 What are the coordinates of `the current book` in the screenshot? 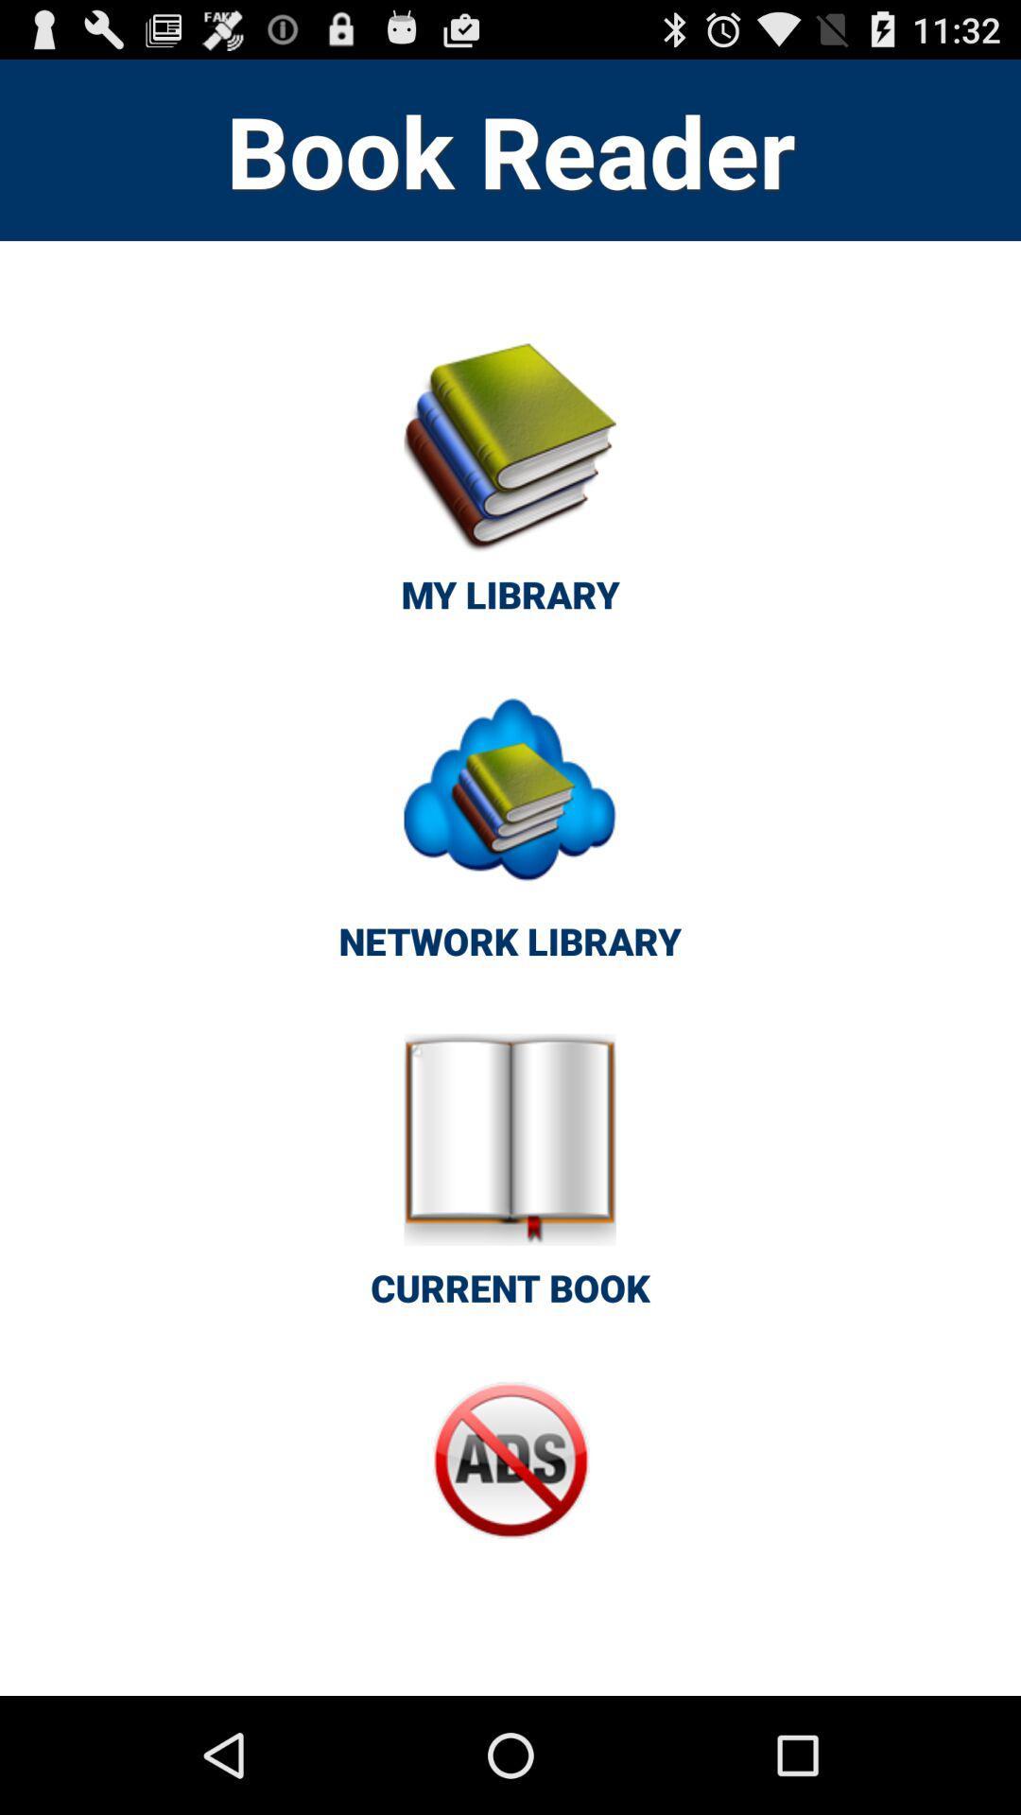 It's located at (510, 1181).